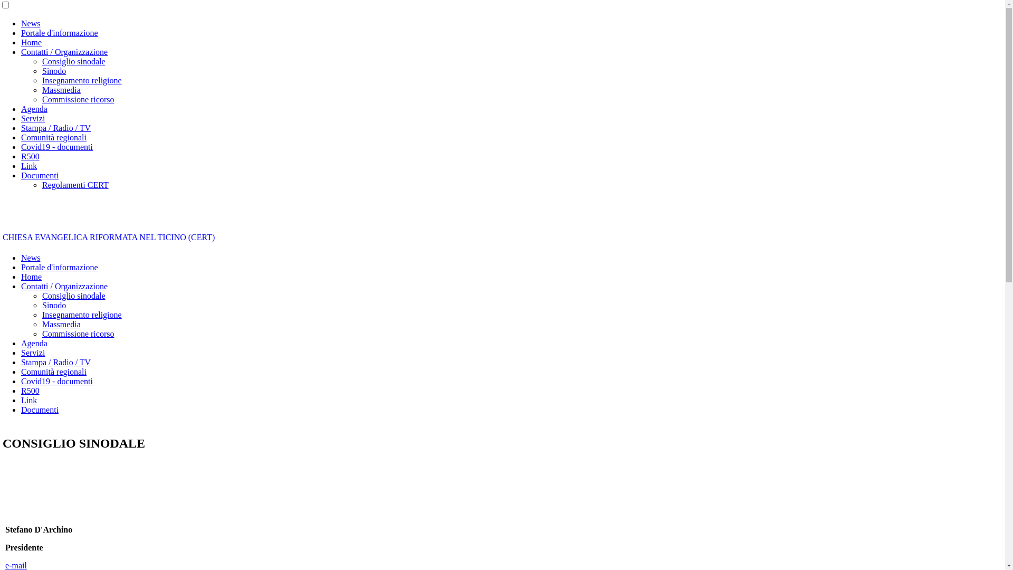 The height and width of the screenshot is (570, 1013). What do you see at coordinates (73, 296) in the screenshot?
I see `'Consiglio sinodale'` at bounding box center [73, 296].